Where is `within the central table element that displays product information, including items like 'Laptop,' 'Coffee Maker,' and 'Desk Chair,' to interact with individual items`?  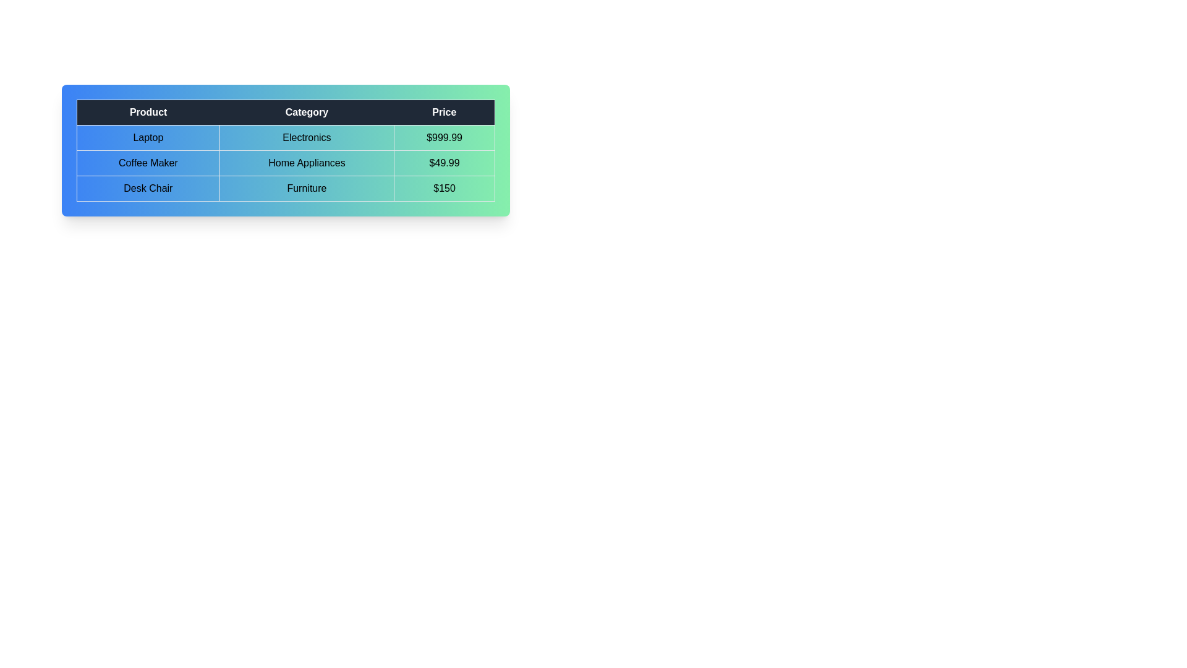
within the central table element that displays product information, including items like 'Laptop,' 'Coffee Maker,' and 'Desk Chair,' to interact with individual items is located at coordinates (285, 150).